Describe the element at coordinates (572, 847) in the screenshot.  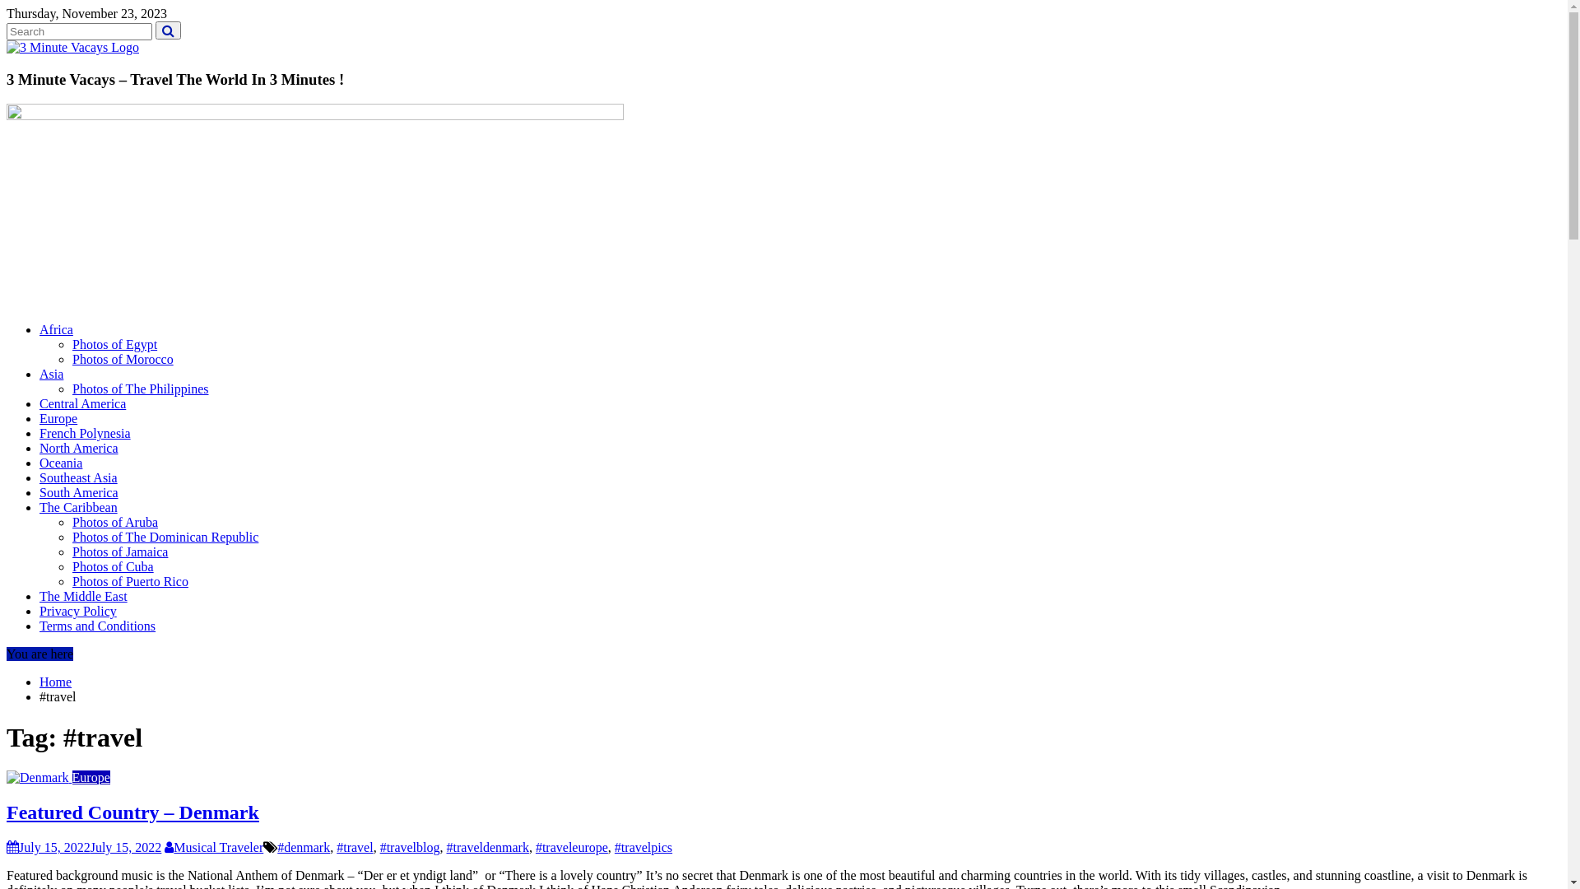
I see `'#traveleurope'` at that location.